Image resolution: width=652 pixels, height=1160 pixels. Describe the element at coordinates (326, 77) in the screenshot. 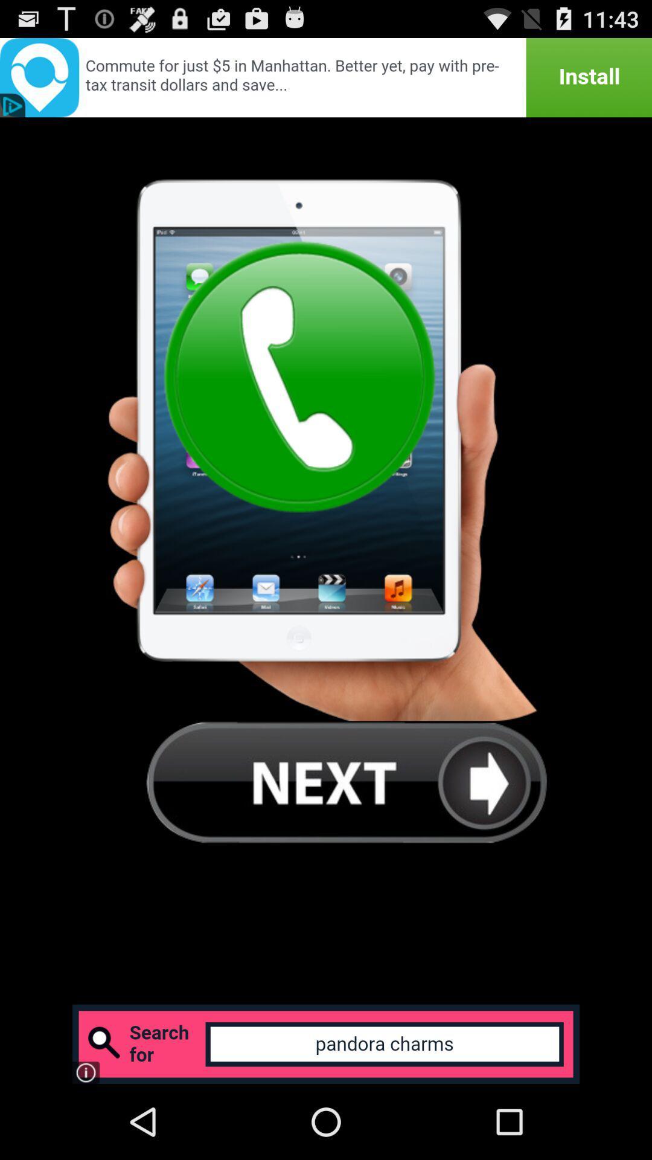

I see `the advertisement page` at that location.